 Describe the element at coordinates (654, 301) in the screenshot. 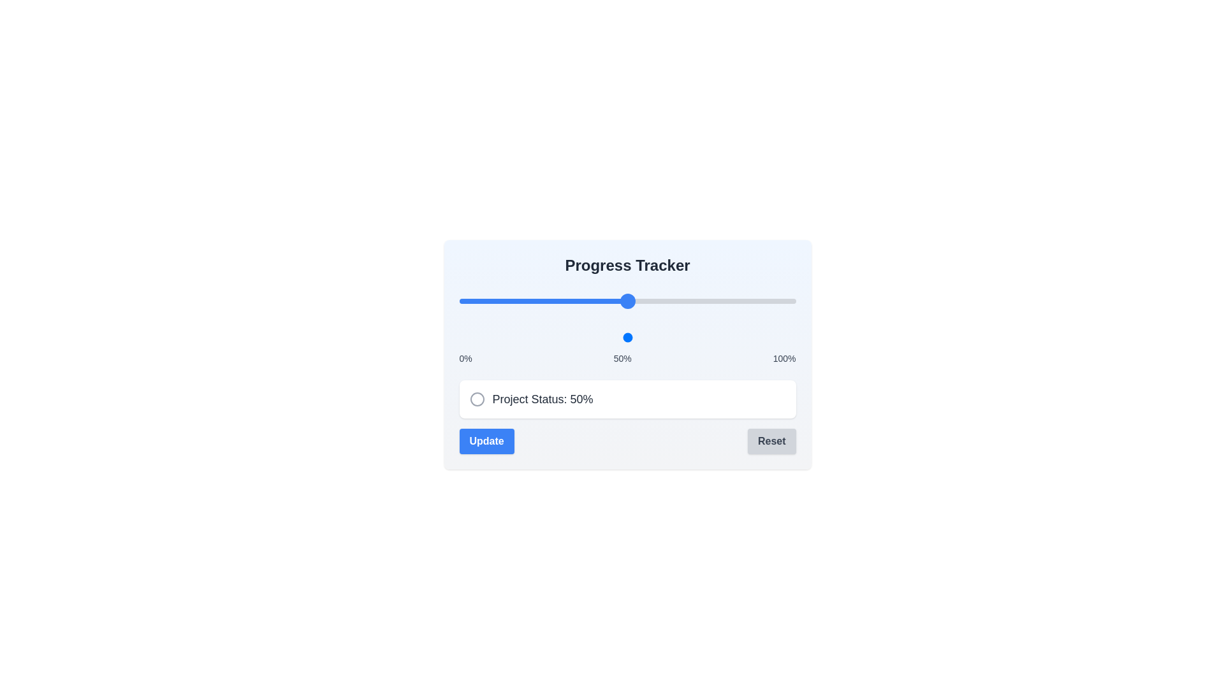

I see `the progress slider to set the progress to 58%` at that location.